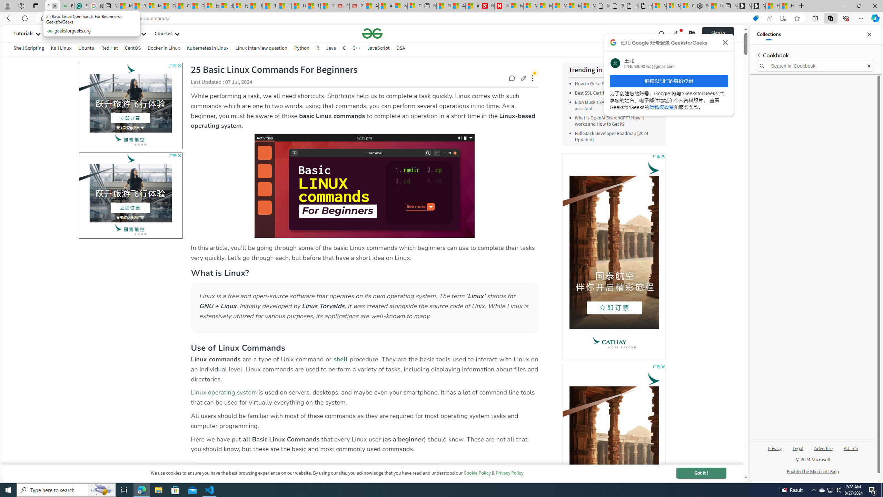 The width and height of the screenshot is (883, 497). I want to click on 'Docker in Linux', so click(163, 49).